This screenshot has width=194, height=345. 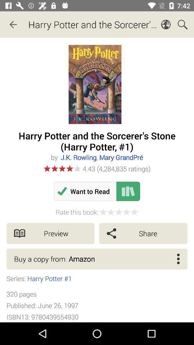 What do you see at coordinates (128, 191) in the screenshot?
I see `show all books that i want to read` at bounding box center [128, 191].